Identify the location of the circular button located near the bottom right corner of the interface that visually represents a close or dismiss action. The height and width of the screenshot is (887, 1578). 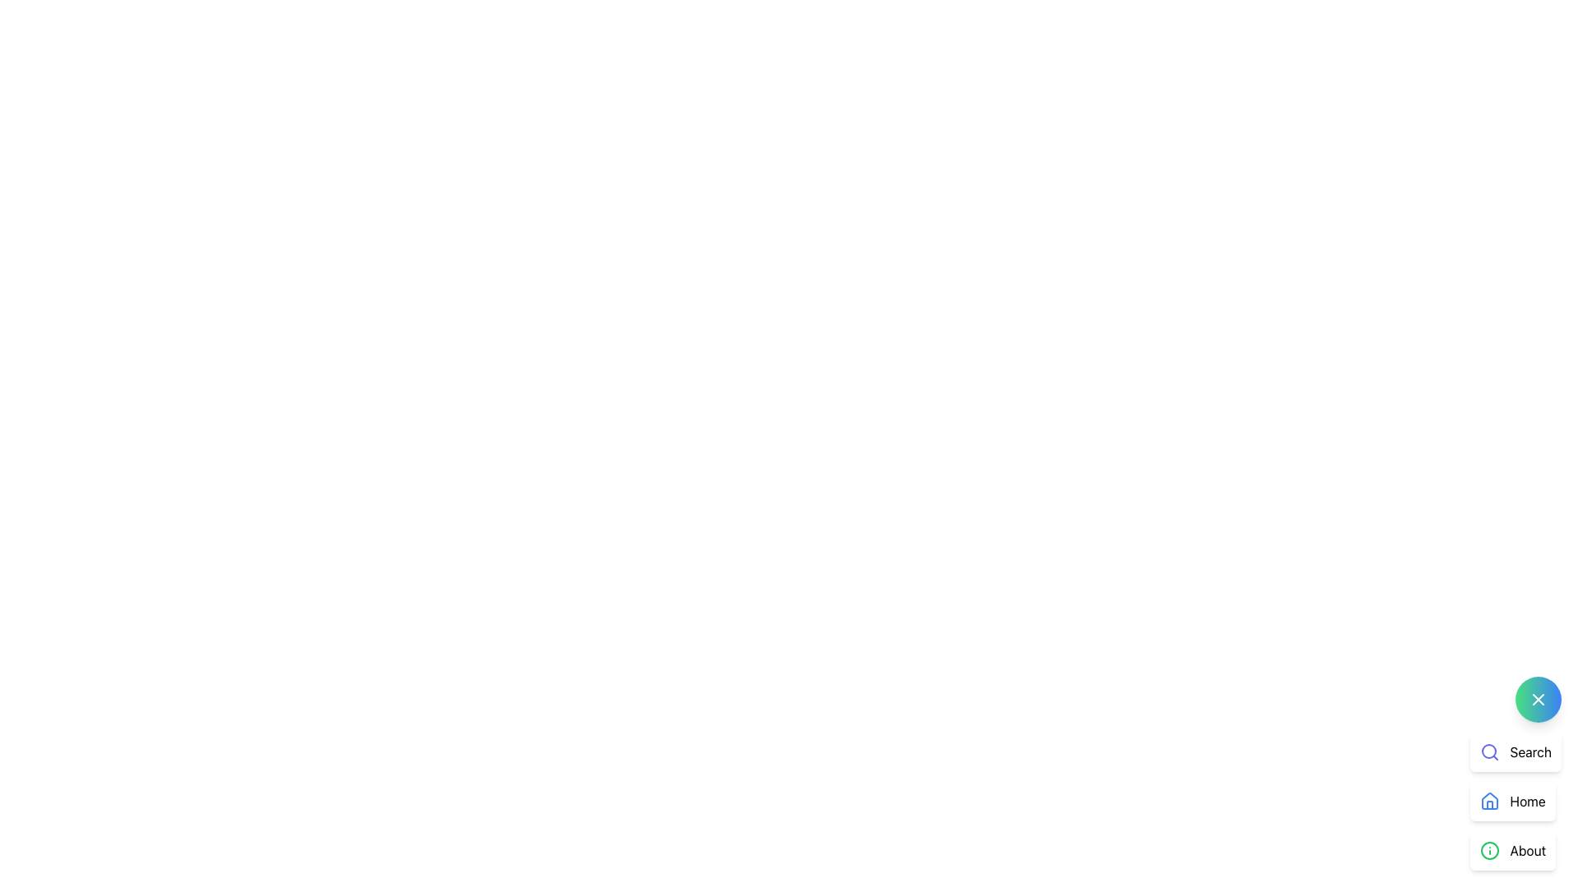
(1538, 700).